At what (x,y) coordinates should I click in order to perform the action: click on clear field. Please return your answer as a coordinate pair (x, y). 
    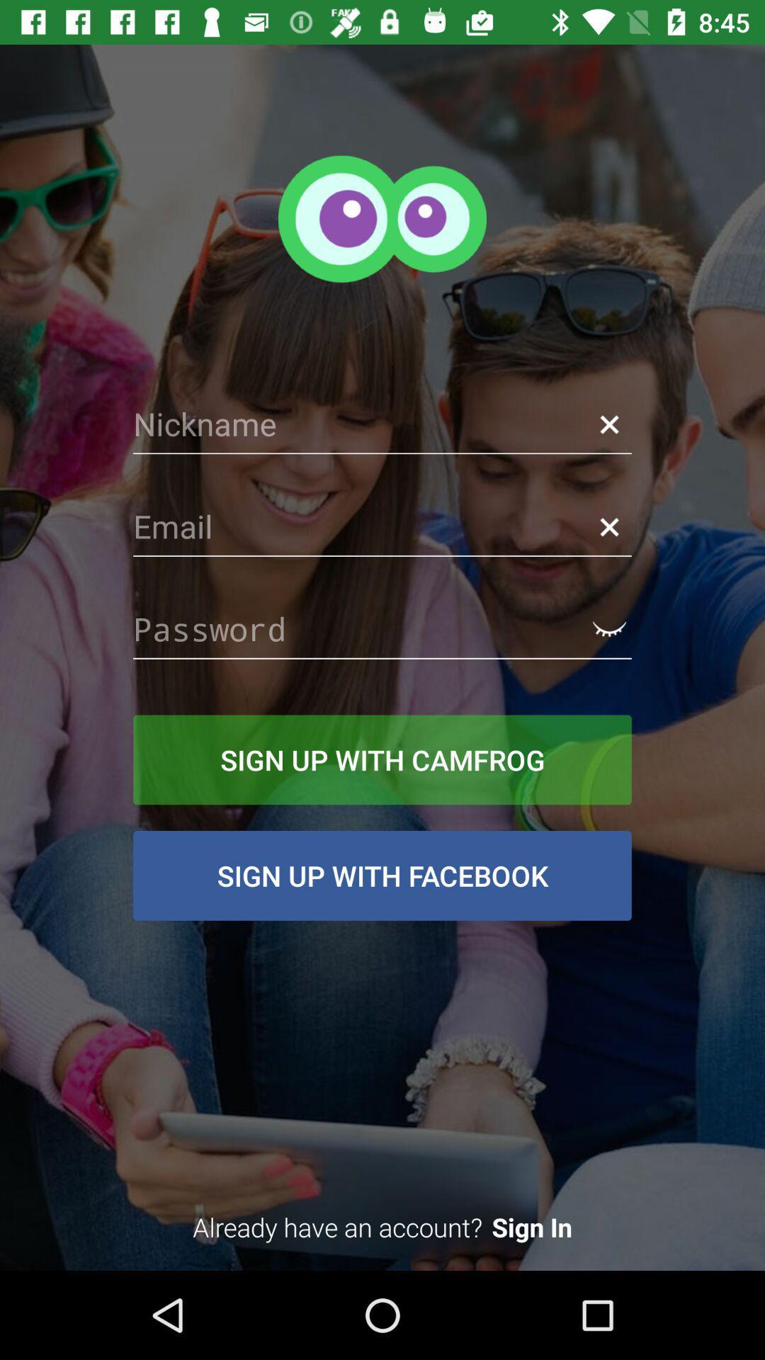
    Looking at the image, I should click on (608, 526).